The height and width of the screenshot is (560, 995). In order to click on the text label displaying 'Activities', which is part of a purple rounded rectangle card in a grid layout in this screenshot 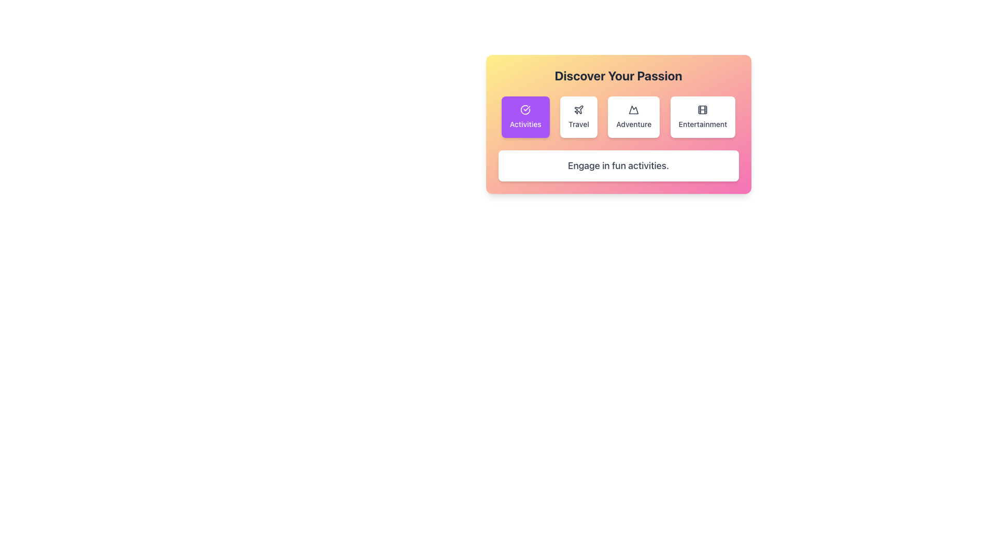, I will do `click(525, 123)`.